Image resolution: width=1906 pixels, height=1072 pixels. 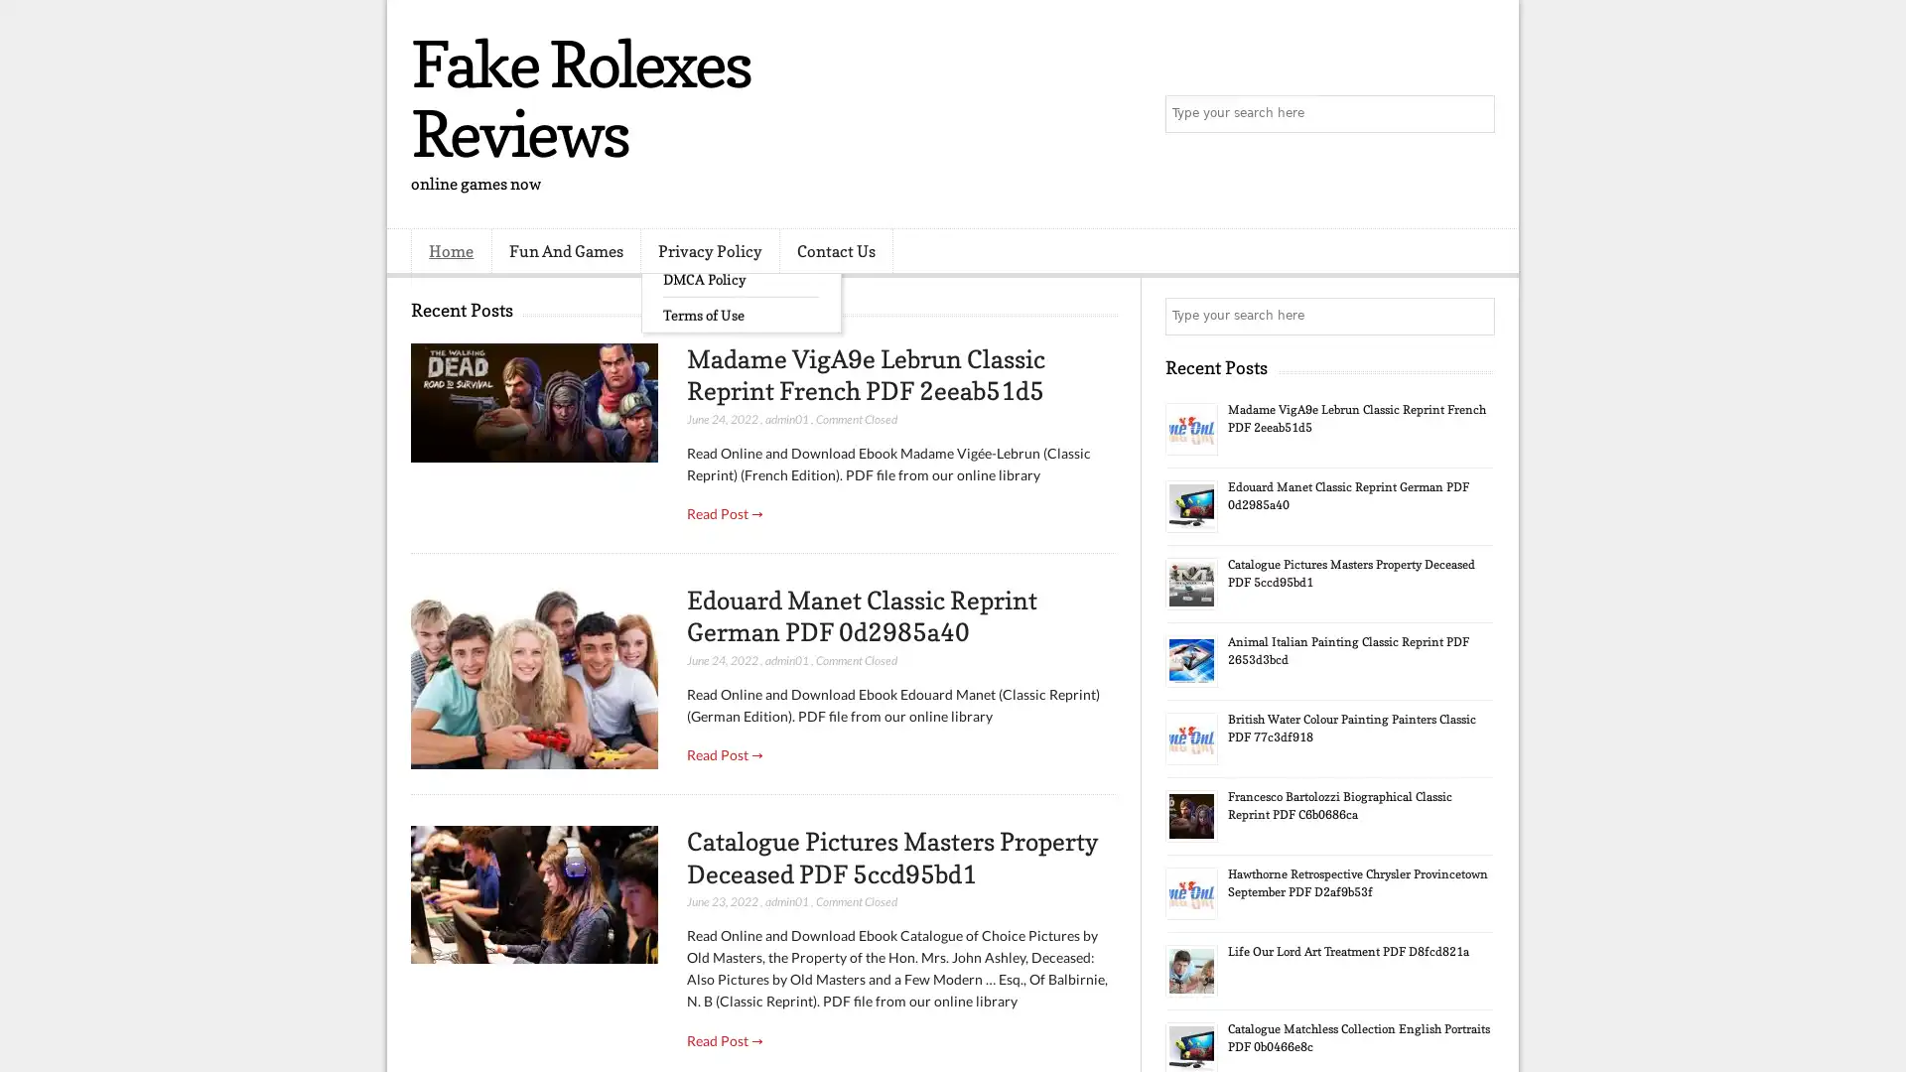 I want to click on Search, so click(x=1474, y=114).